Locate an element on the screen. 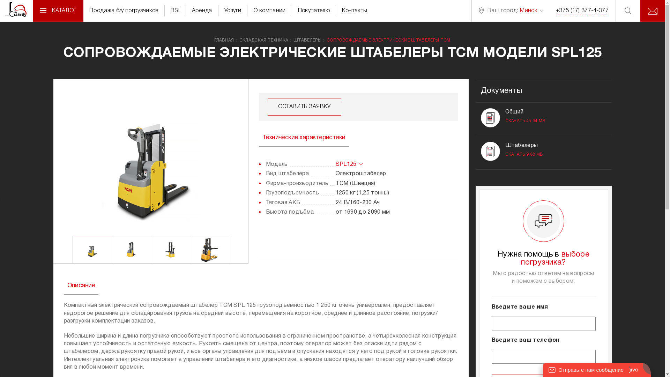  '+375 (17) 377-4-377' is located at coordinates (556, 11).